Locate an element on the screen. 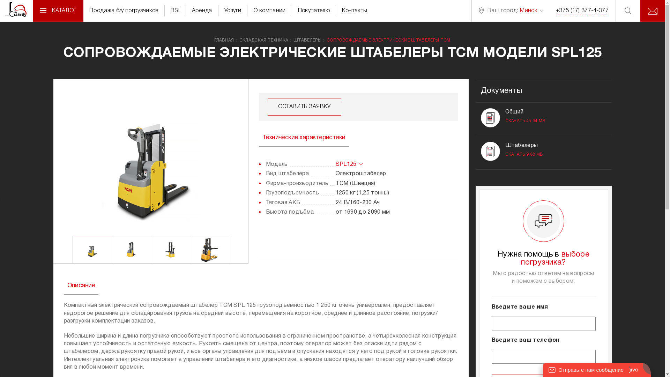  '+375 (17) 377-4-377' is located at coordinates (556, 11).